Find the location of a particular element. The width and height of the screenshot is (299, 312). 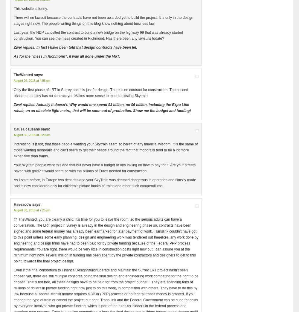

'Interesting is it not, that those people wanting your Skytrain seem so bereft of any financial wisdom. It is the same of those wanting monorails and can’t seem to get their heads around the fact that monorails tend to be a lot more expensive than trams.' is located at coordinates (14, 150).